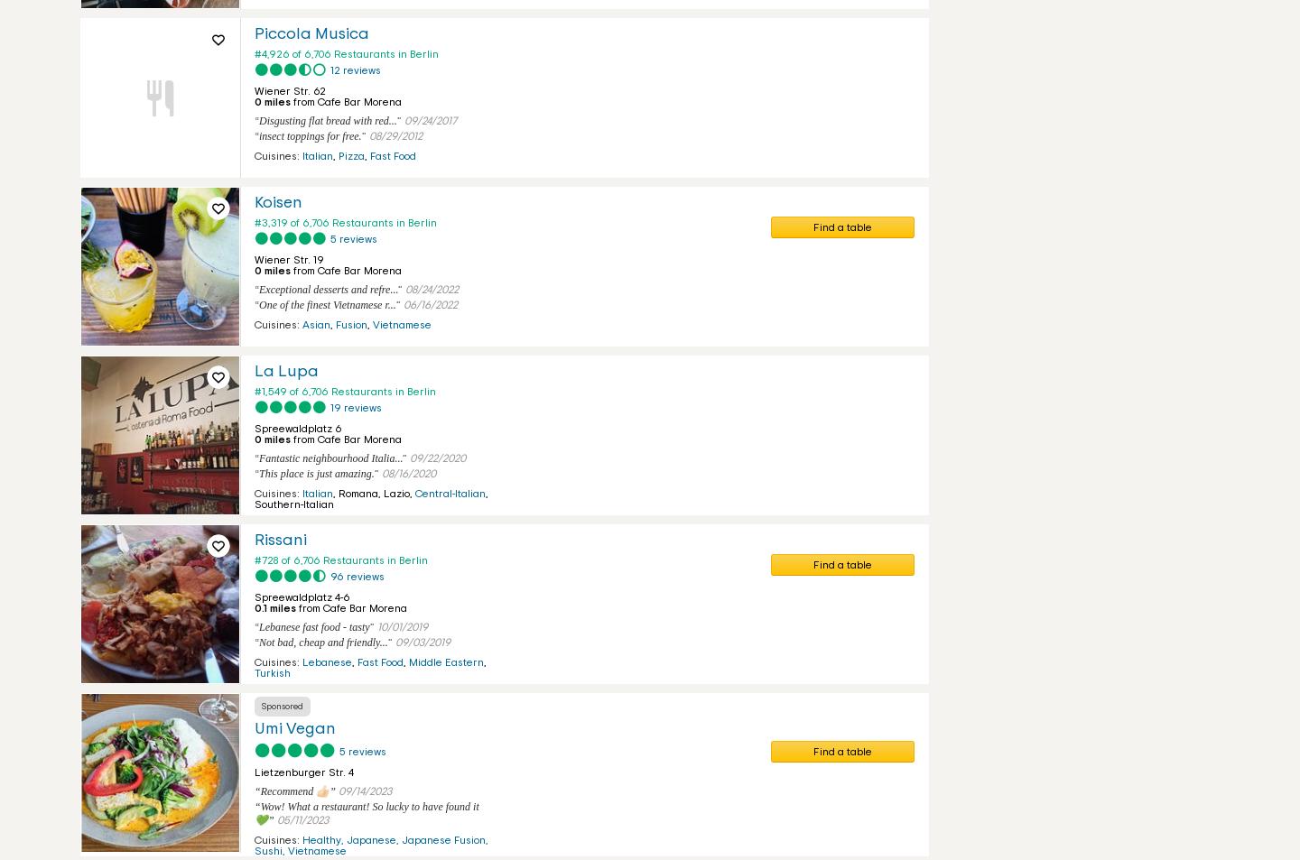 The image size is (1300, 860). What do you see at coordinates (321, 839) in the screenshot?
I see `'Healthy'` at bounding box center [321, 839].